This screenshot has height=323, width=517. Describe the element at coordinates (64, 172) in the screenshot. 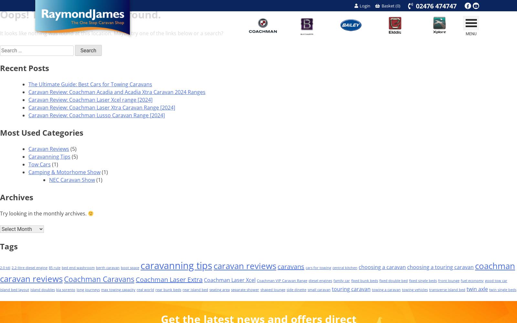

I see `'Camping & Motorhome Show'` at that location.